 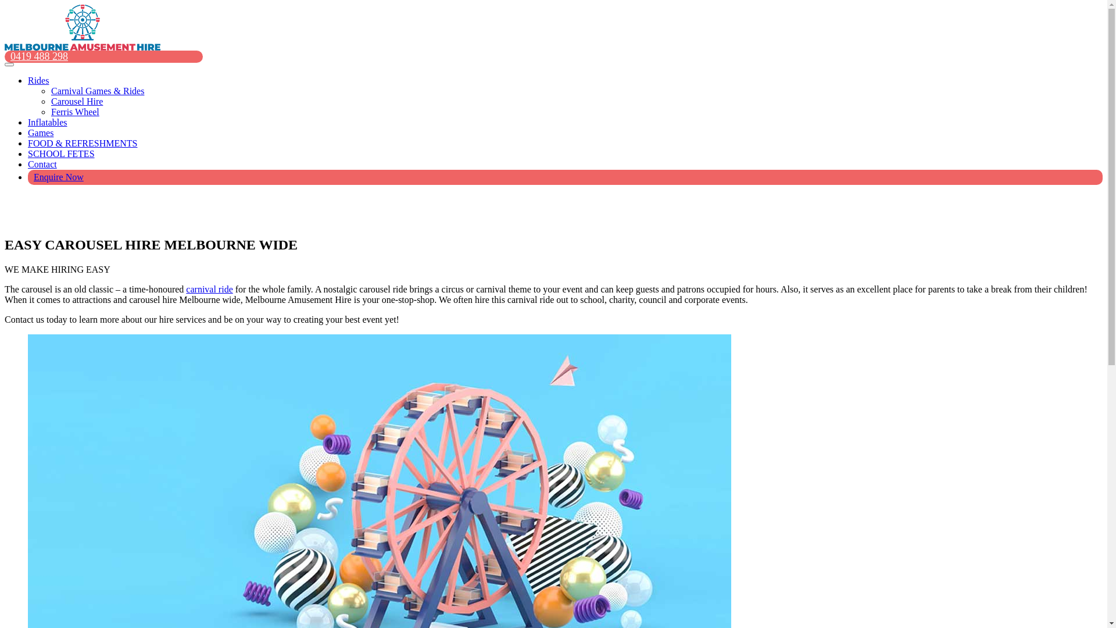 What do you see at coordinates (76, 101) in the screenshot?
I see `'Carousel Hire'` at bounding box center [76, 101].